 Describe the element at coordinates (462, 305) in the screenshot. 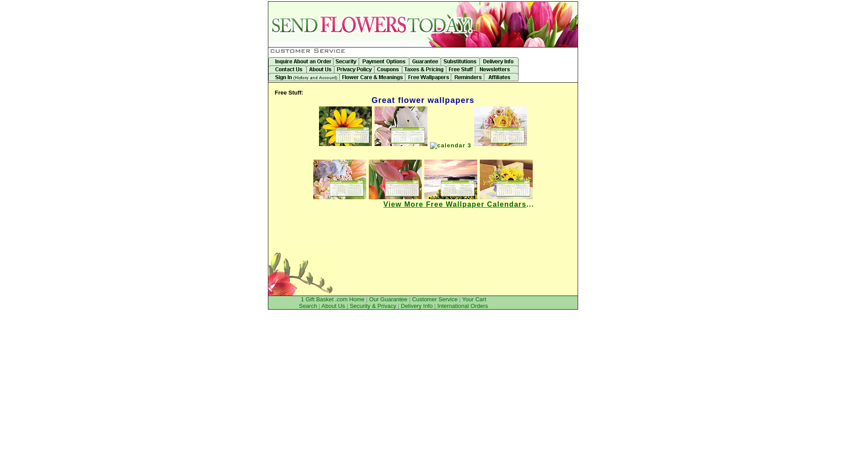

I see `'International Orders'` at that location.